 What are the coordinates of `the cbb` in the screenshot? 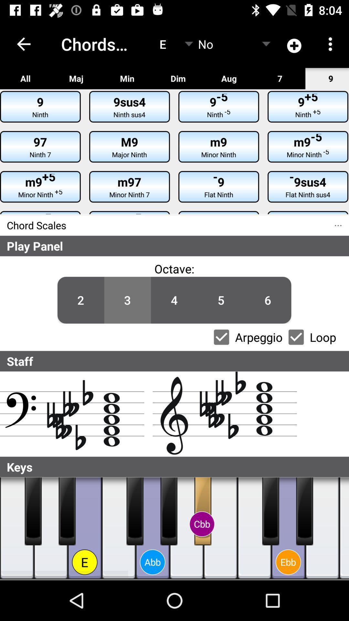 It's located at (202, 524).